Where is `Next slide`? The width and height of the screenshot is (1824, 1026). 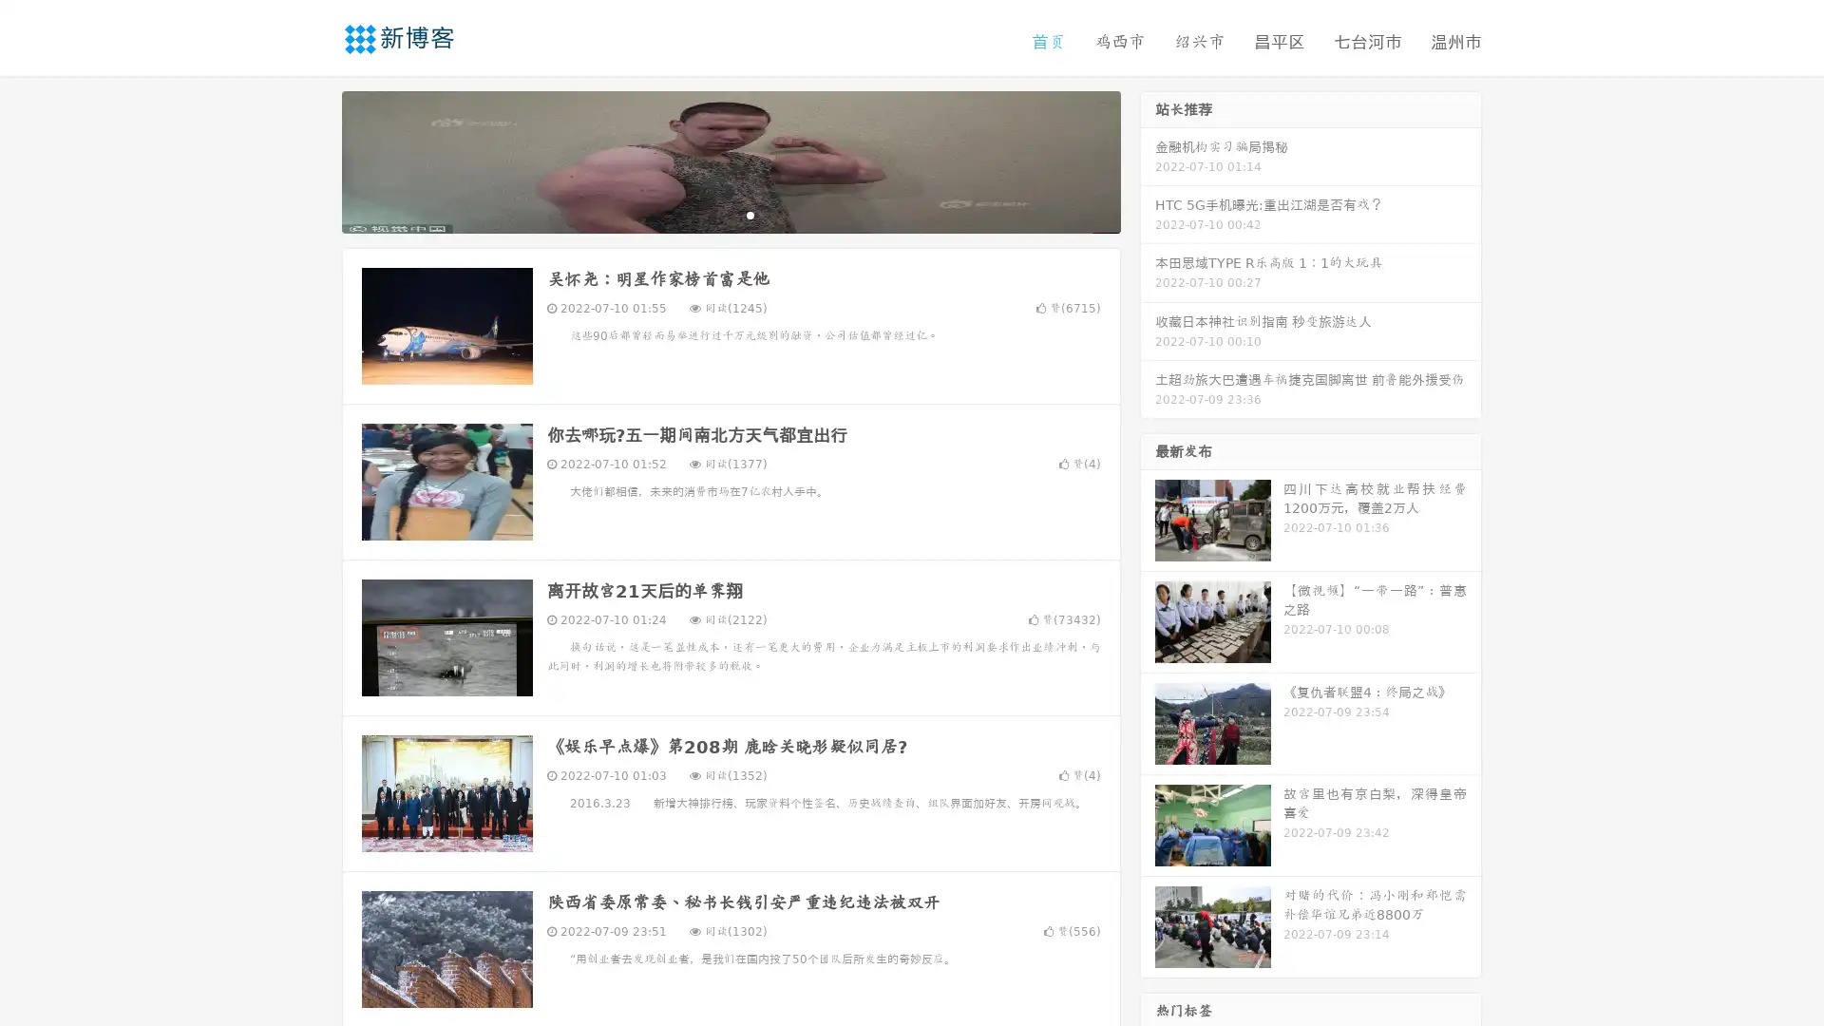 Next slide is located at coordinates (1148, 160).